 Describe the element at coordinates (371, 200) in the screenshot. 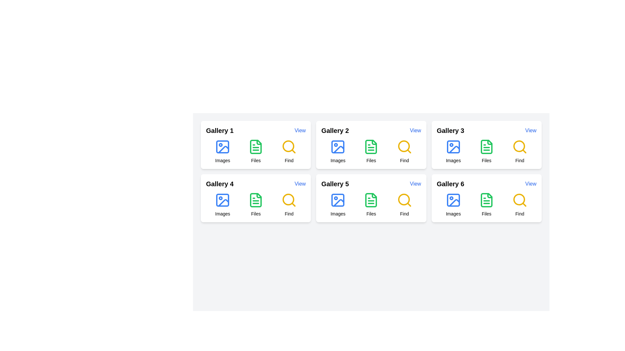

I see `the green file document icon with rounded edges, located as the leftmost icon in the second row under the 'Gallery 5' card` at that location.